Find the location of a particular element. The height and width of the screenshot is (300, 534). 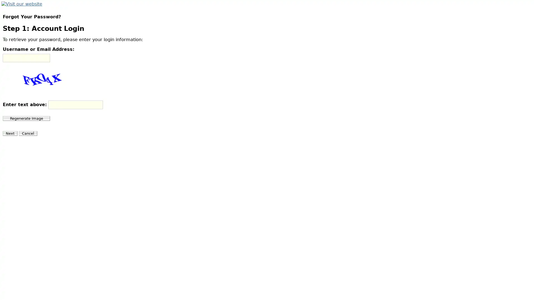

Next is located at coordinates (10, 133).